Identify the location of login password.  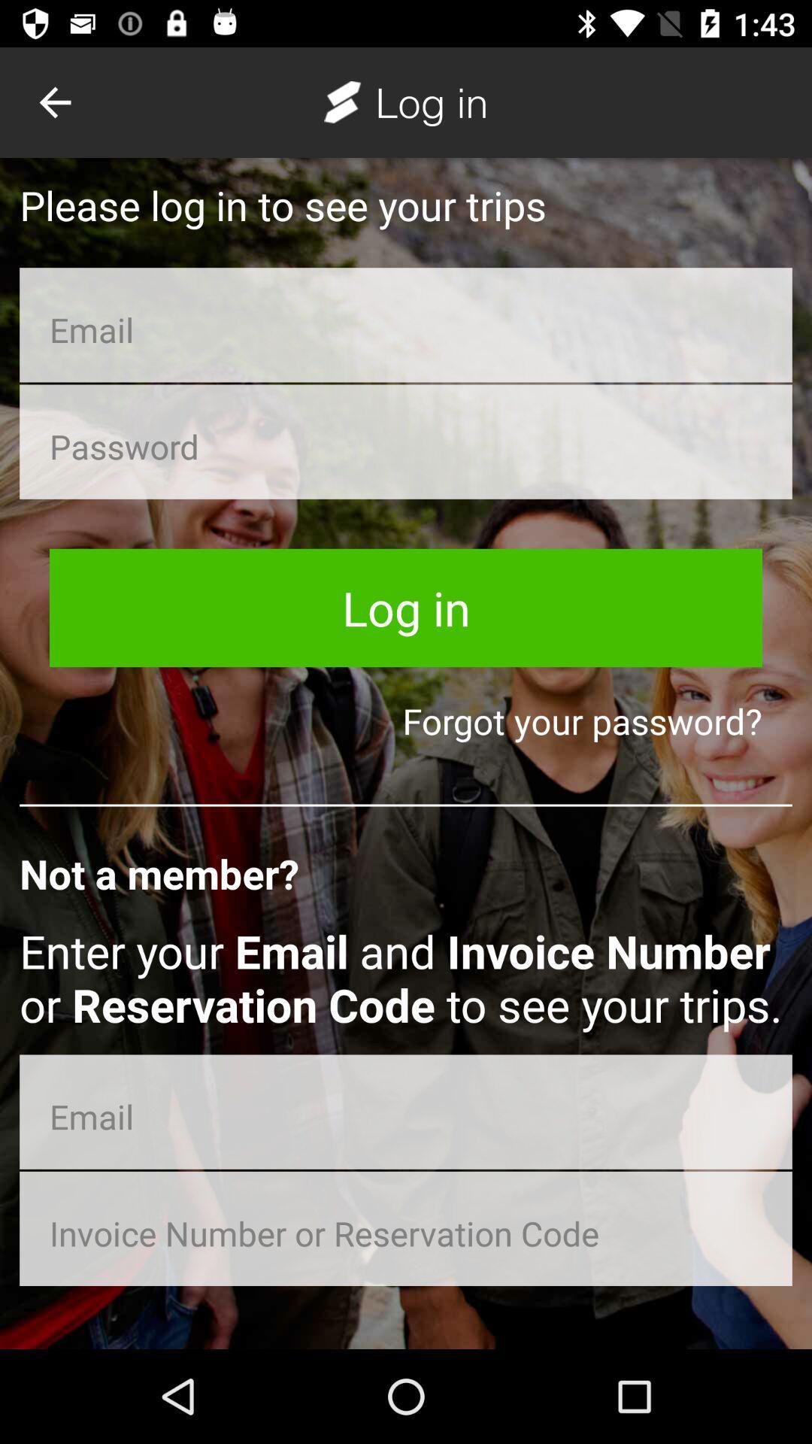
(406, 441).